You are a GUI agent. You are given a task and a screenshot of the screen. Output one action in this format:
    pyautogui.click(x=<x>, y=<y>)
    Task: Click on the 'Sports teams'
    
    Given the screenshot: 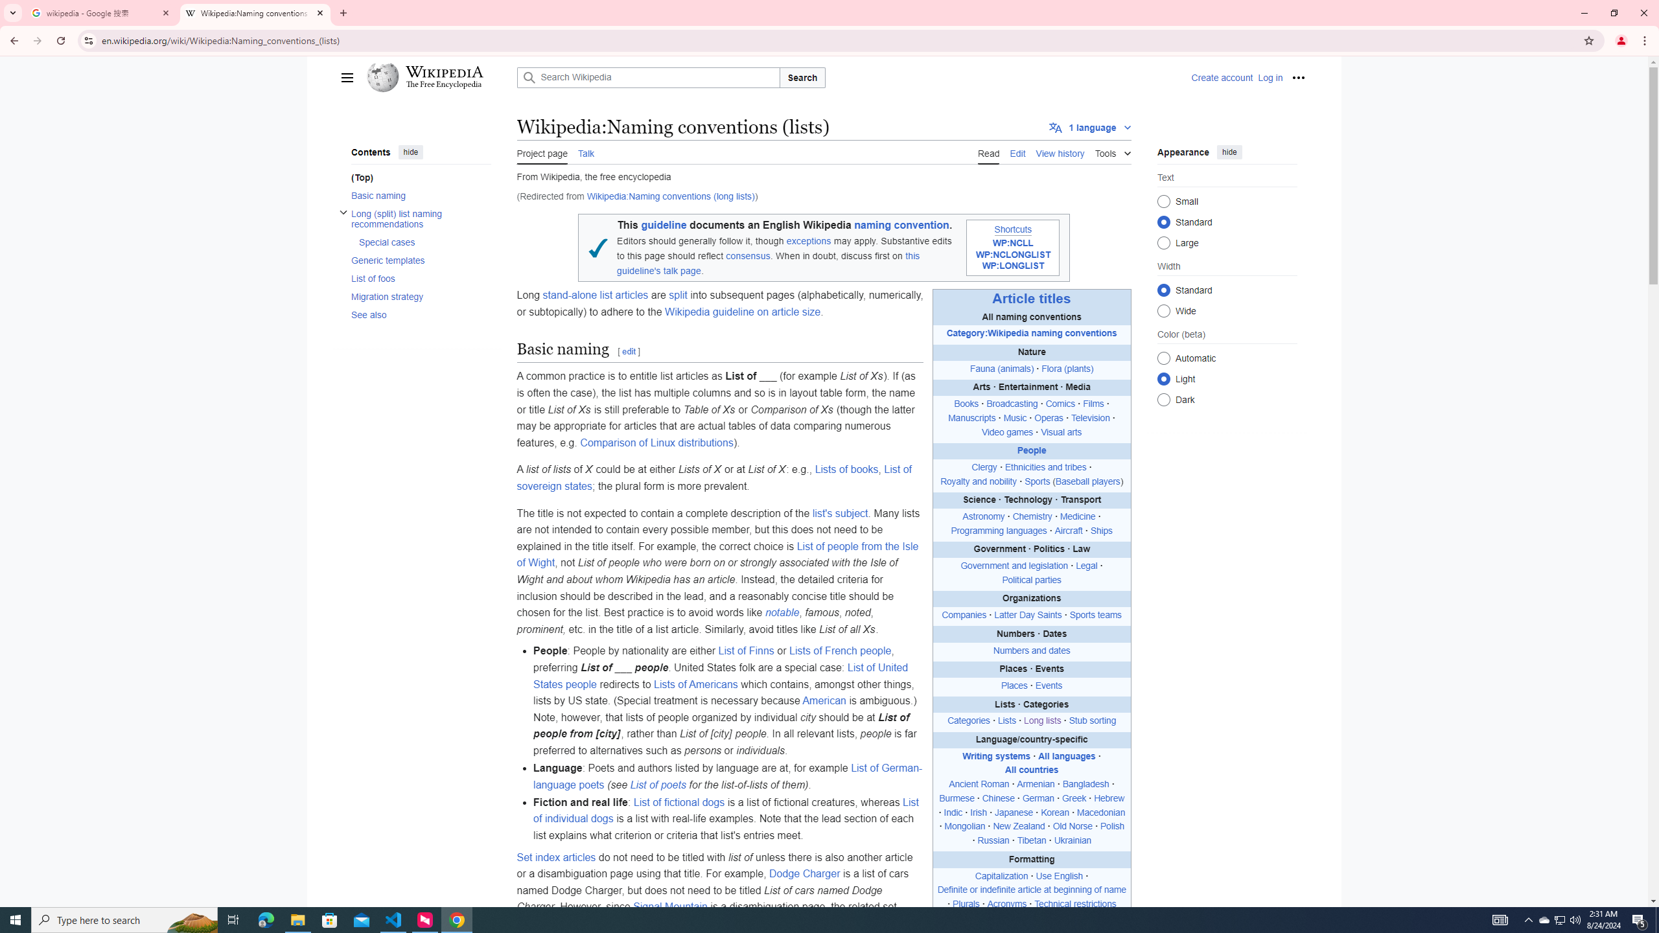 What is the action you would take?
    pyautogui.click(x=1095, y=615)
    